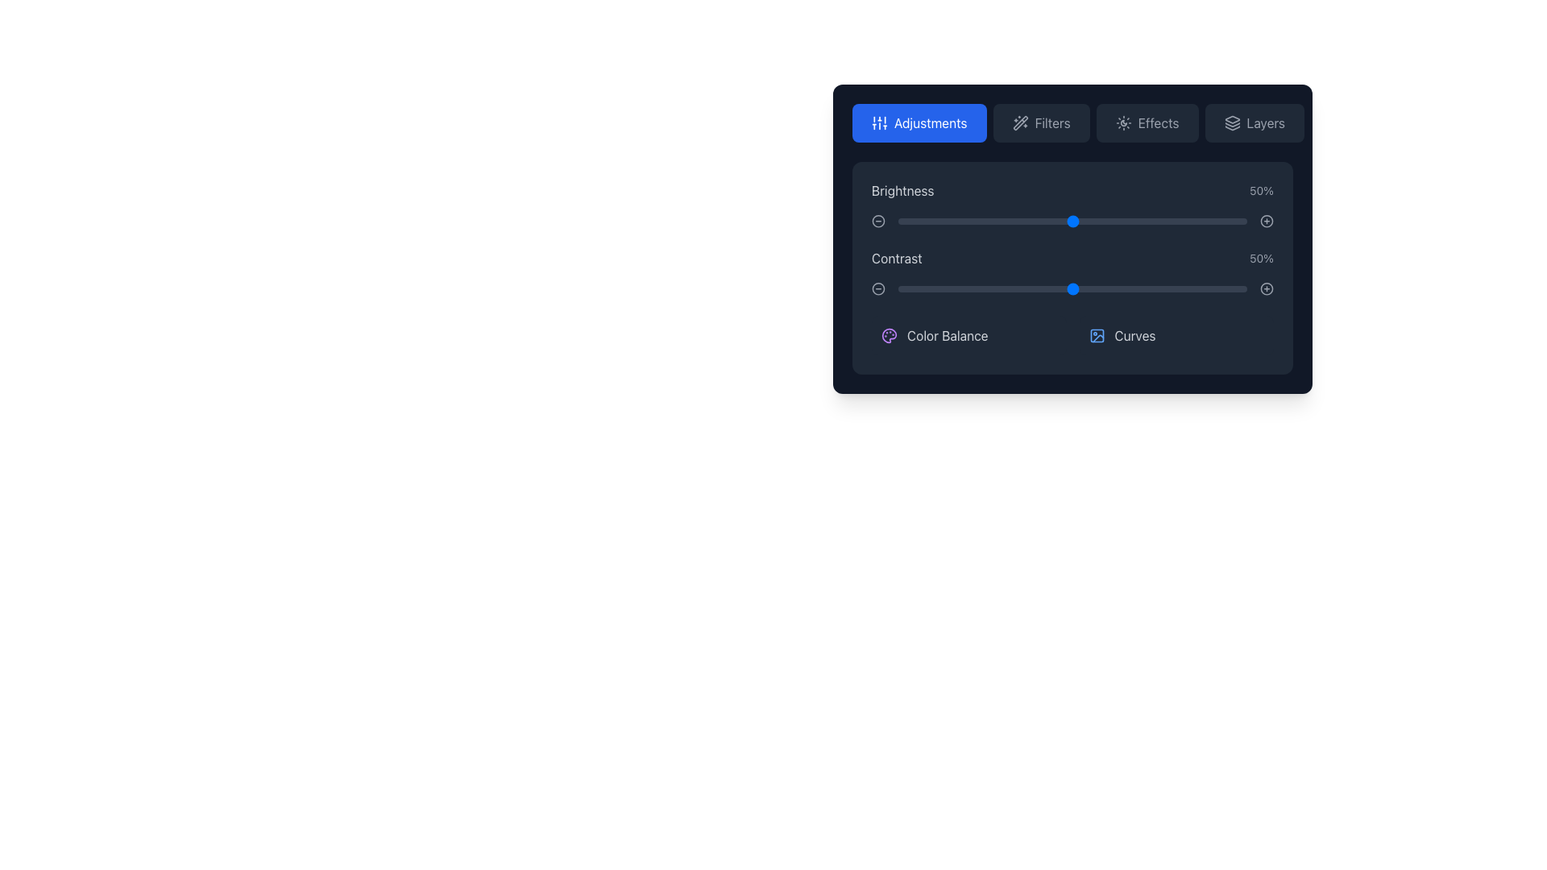 The width and height of the screenshot is (1547, 870). I want to click on contrast, so click(1072, 288).